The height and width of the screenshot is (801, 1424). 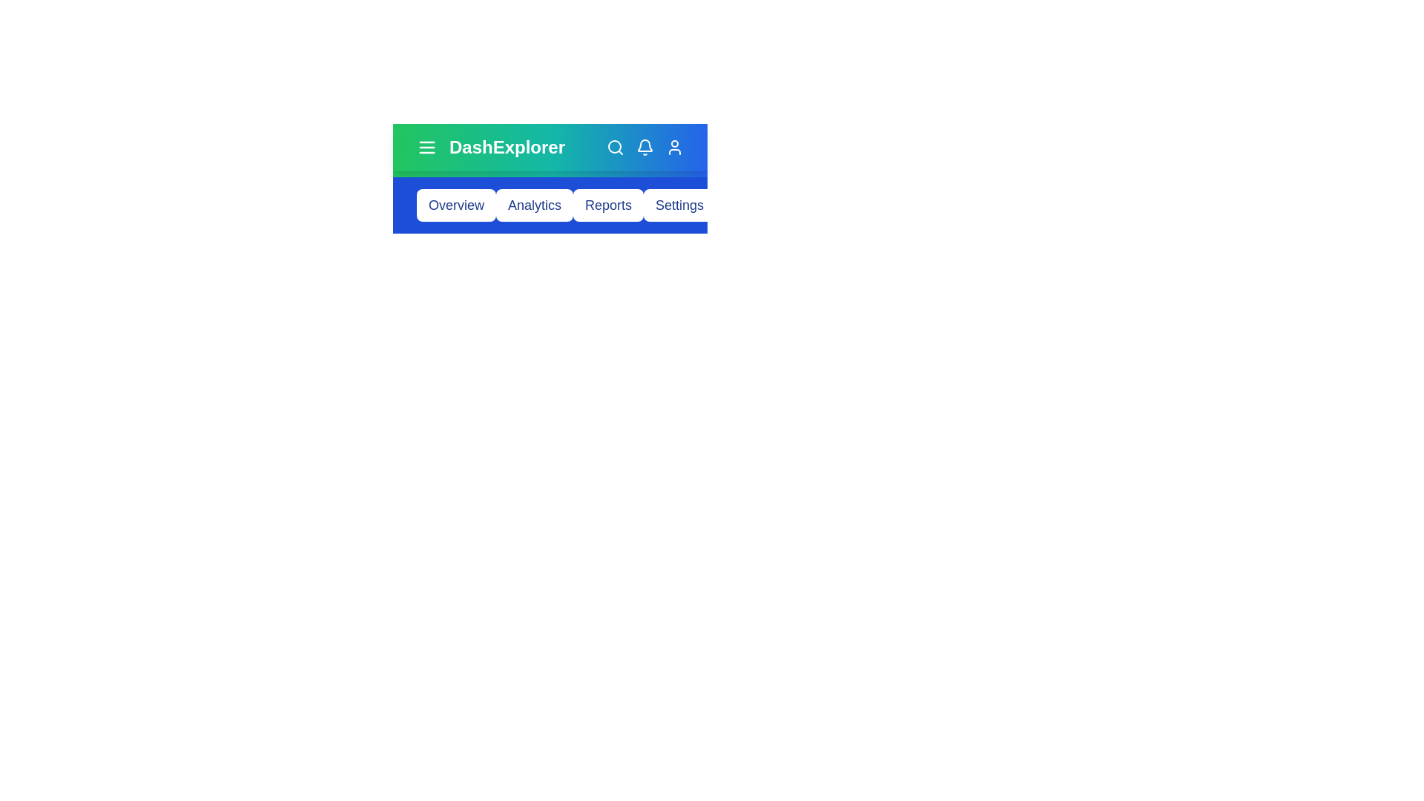 I want to click on the menu item Reports from the navigation bar, so click(x=608, y=205).